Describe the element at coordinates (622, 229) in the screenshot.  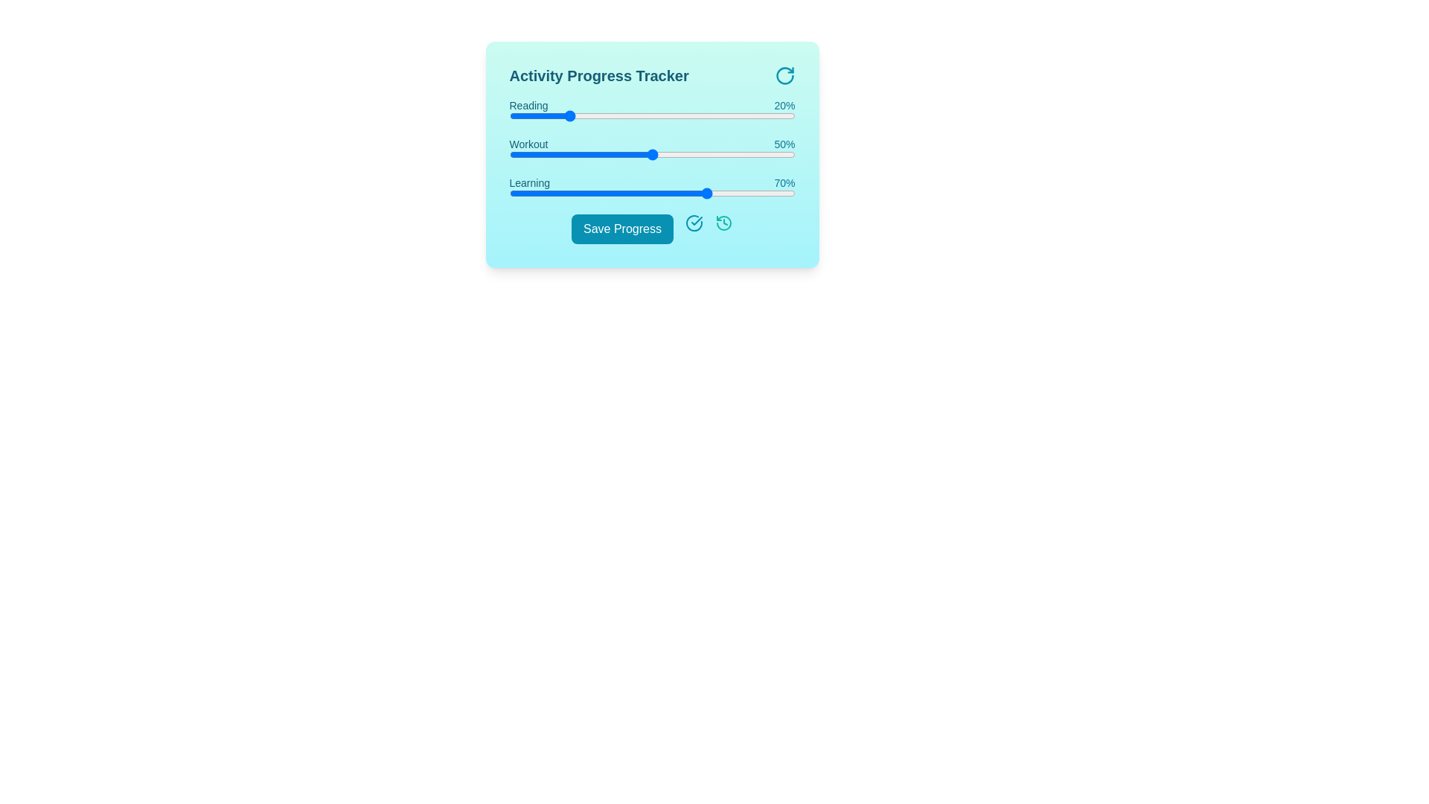
I see `the 'Save Progress' button to save the current progress values` at that location.